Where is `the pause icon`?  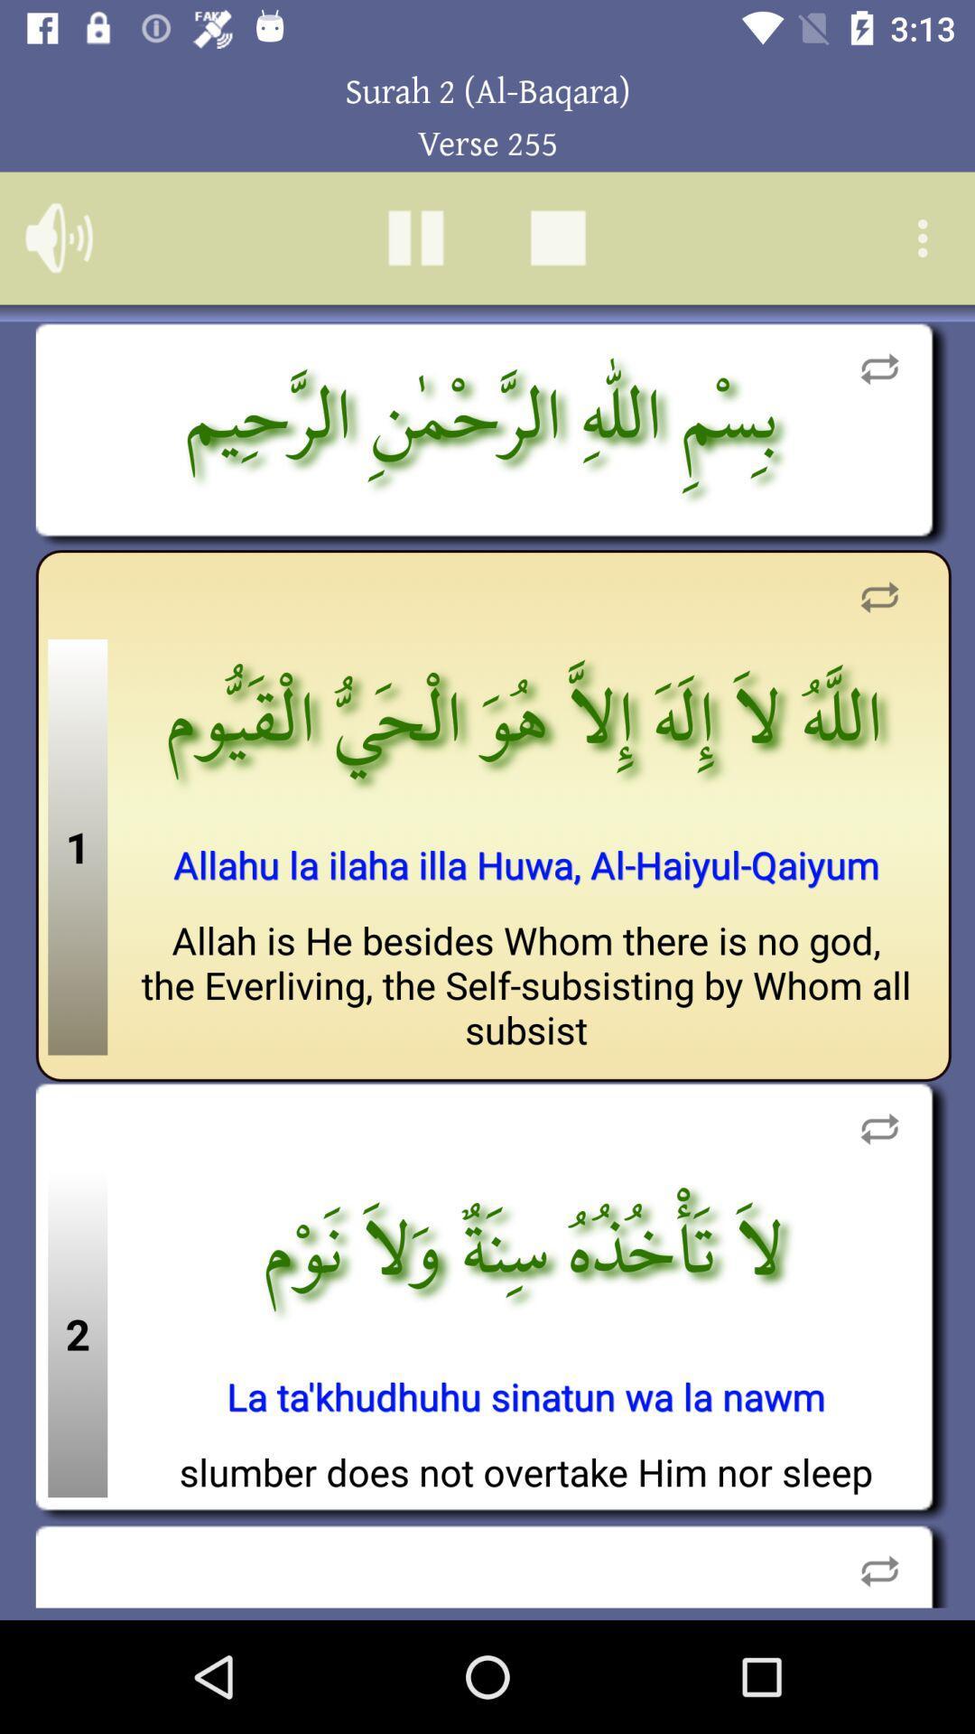
the pause icon is located at coordinates (415, 237).